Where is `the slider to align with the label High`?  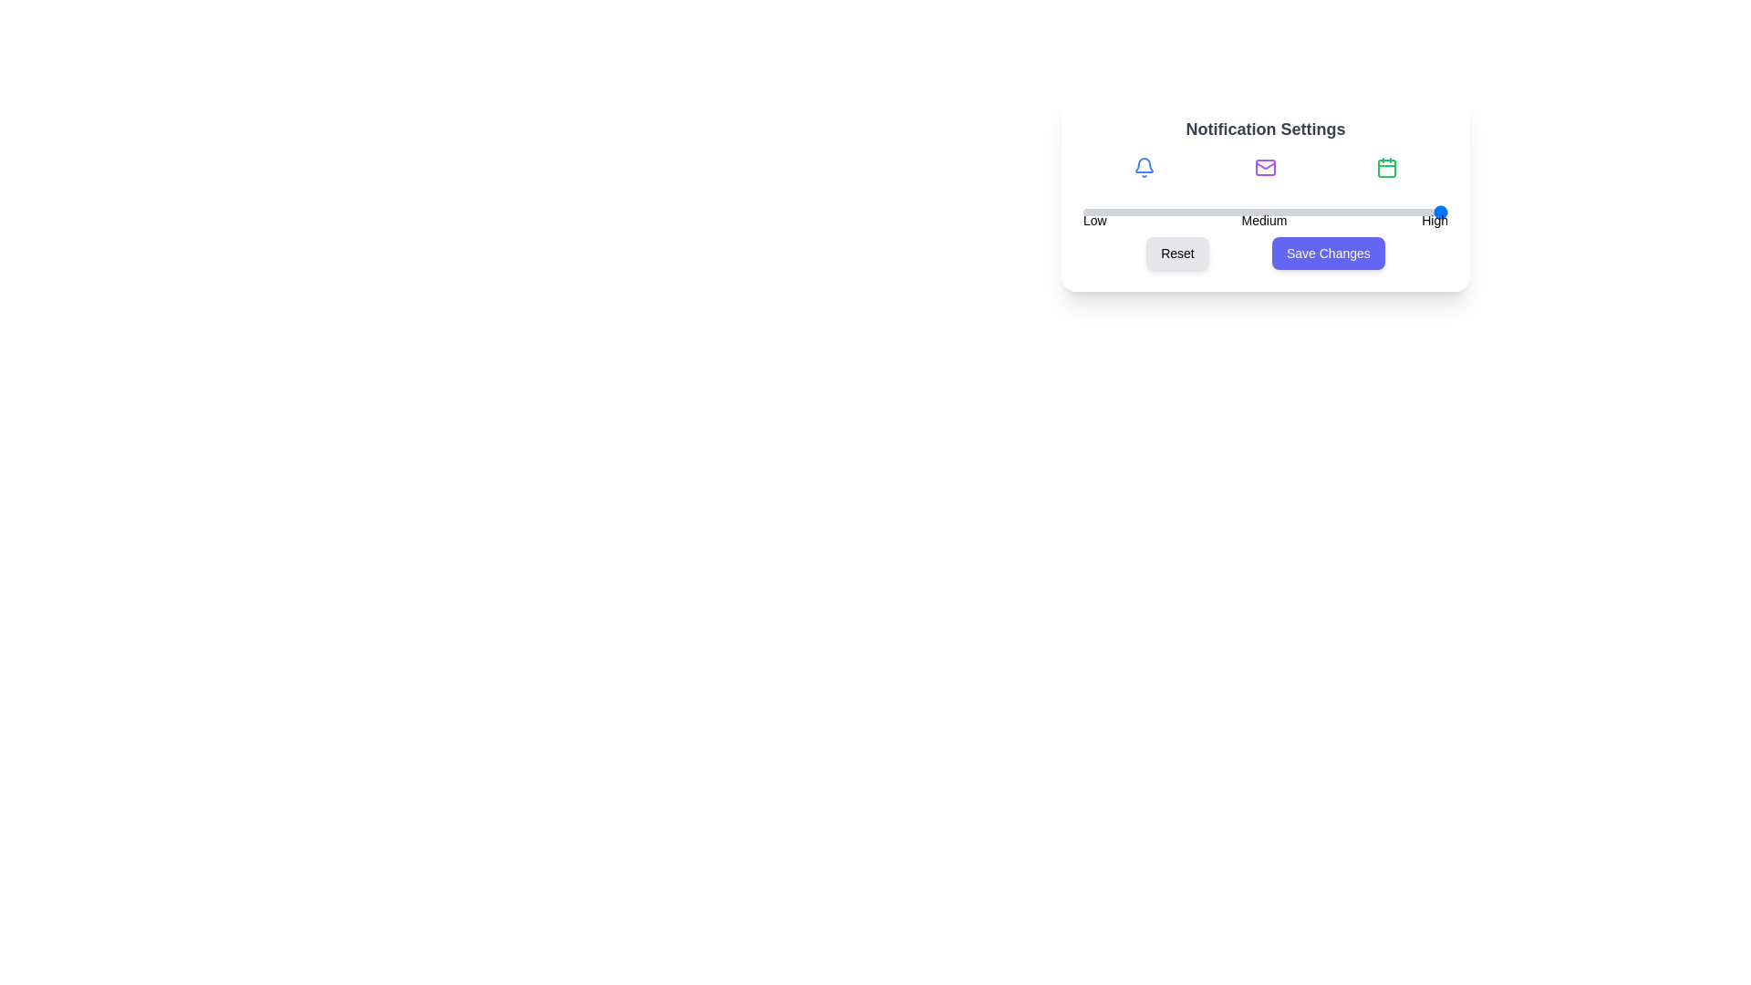
the slider to align with the label High is located at coordinates (1434, 211).